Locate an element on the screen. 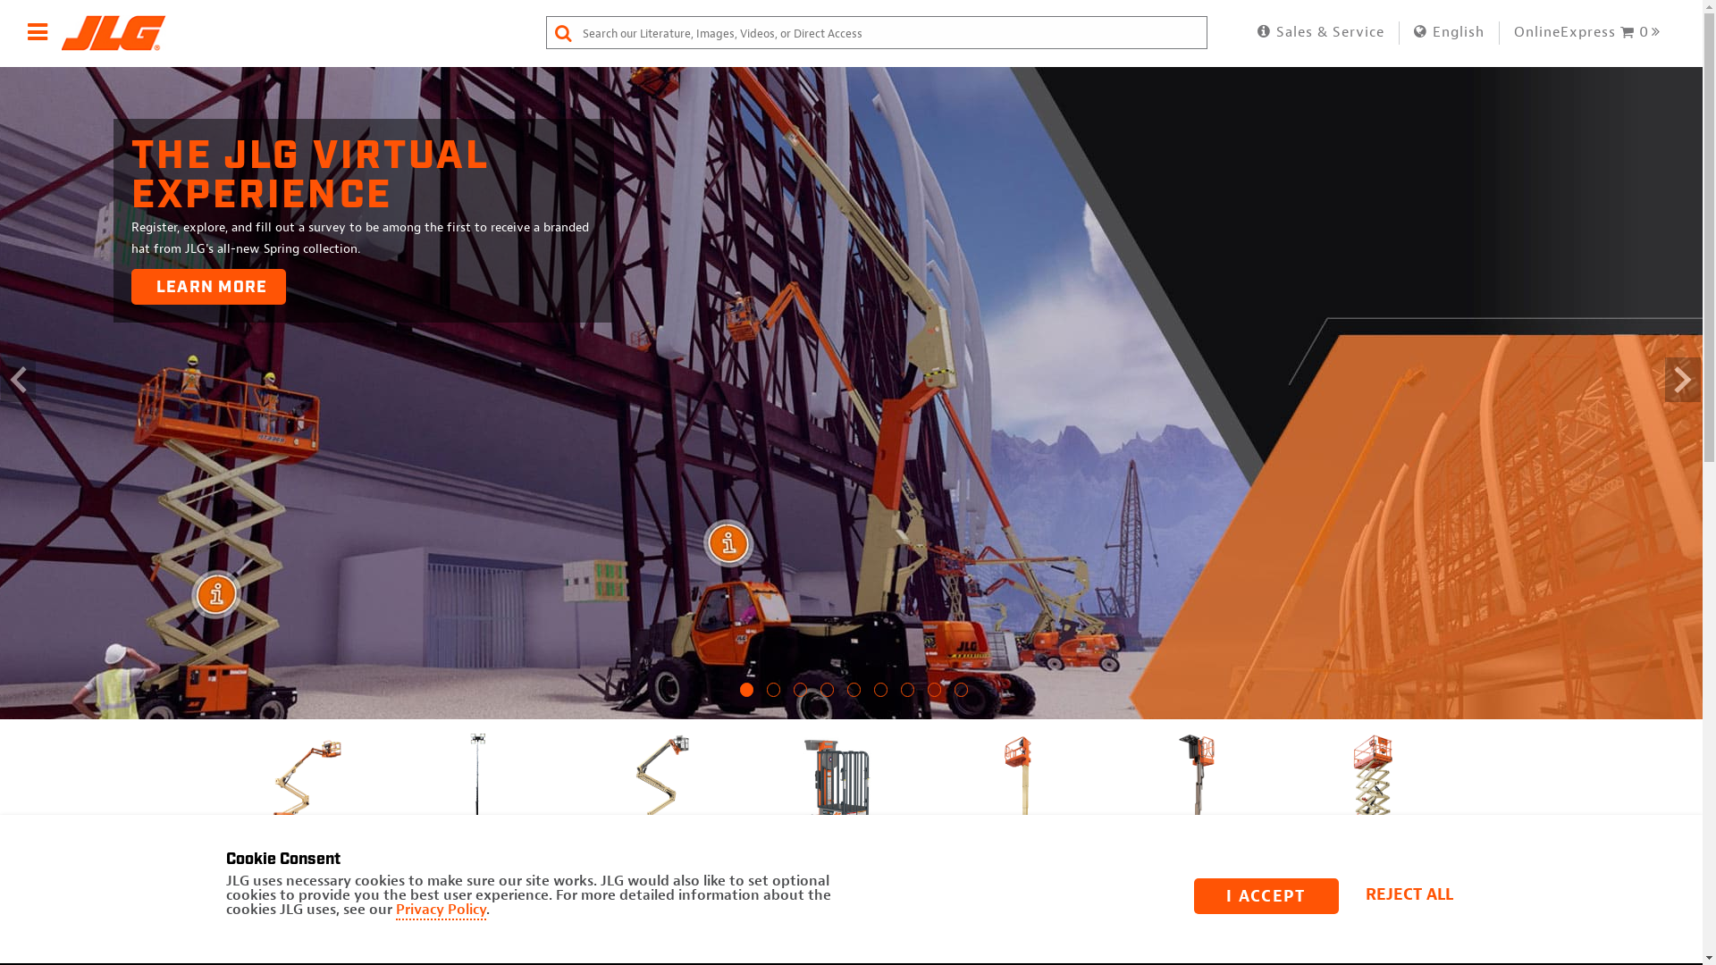  'Engine Powered Boom Lifts' is located at coordinates (300, 802).